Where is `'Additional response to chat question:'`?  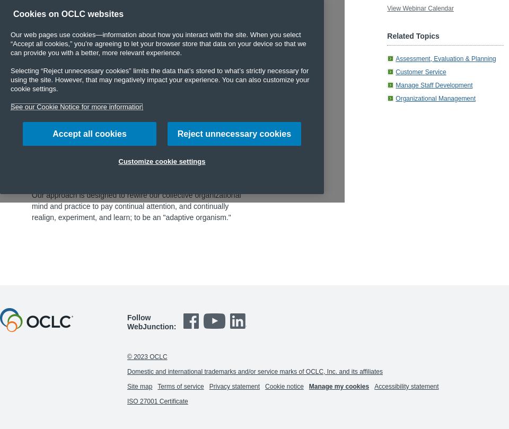 'Additional response to chat question:' is located at coordinates (78, 17).